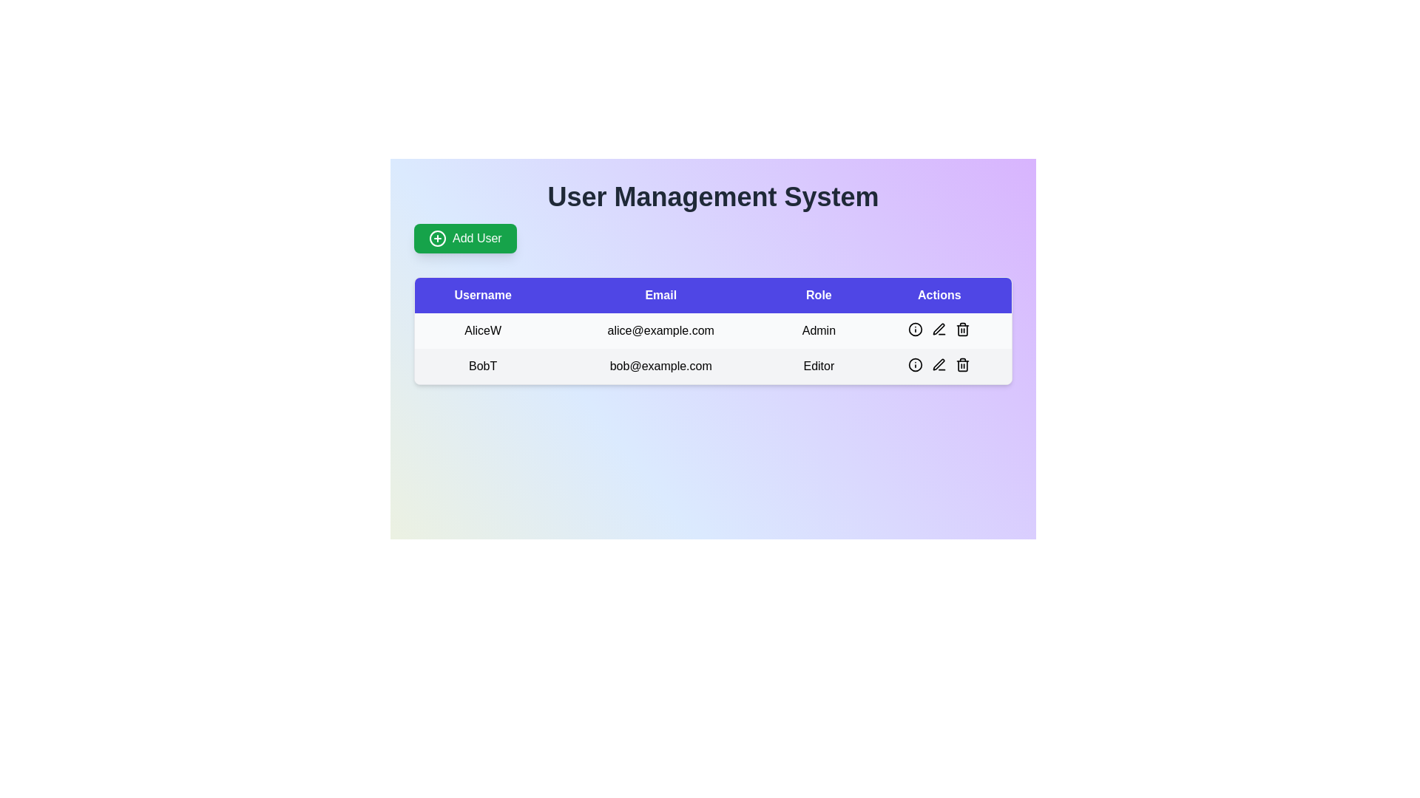  I want to click on a row in the user information table, so click(713, 340).